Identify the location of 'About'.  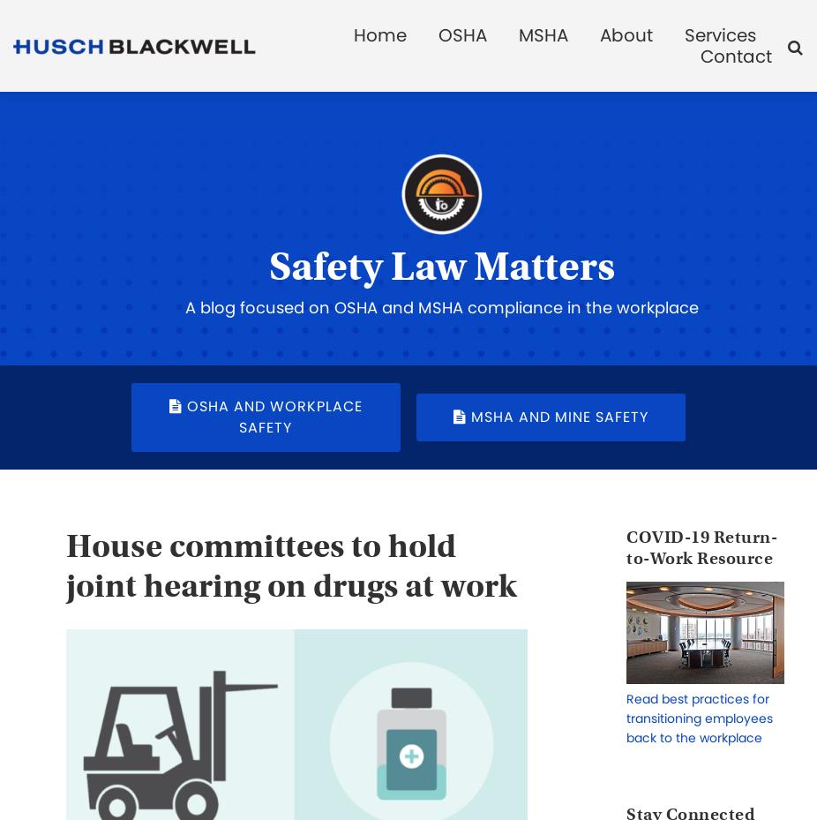
(626, 34).